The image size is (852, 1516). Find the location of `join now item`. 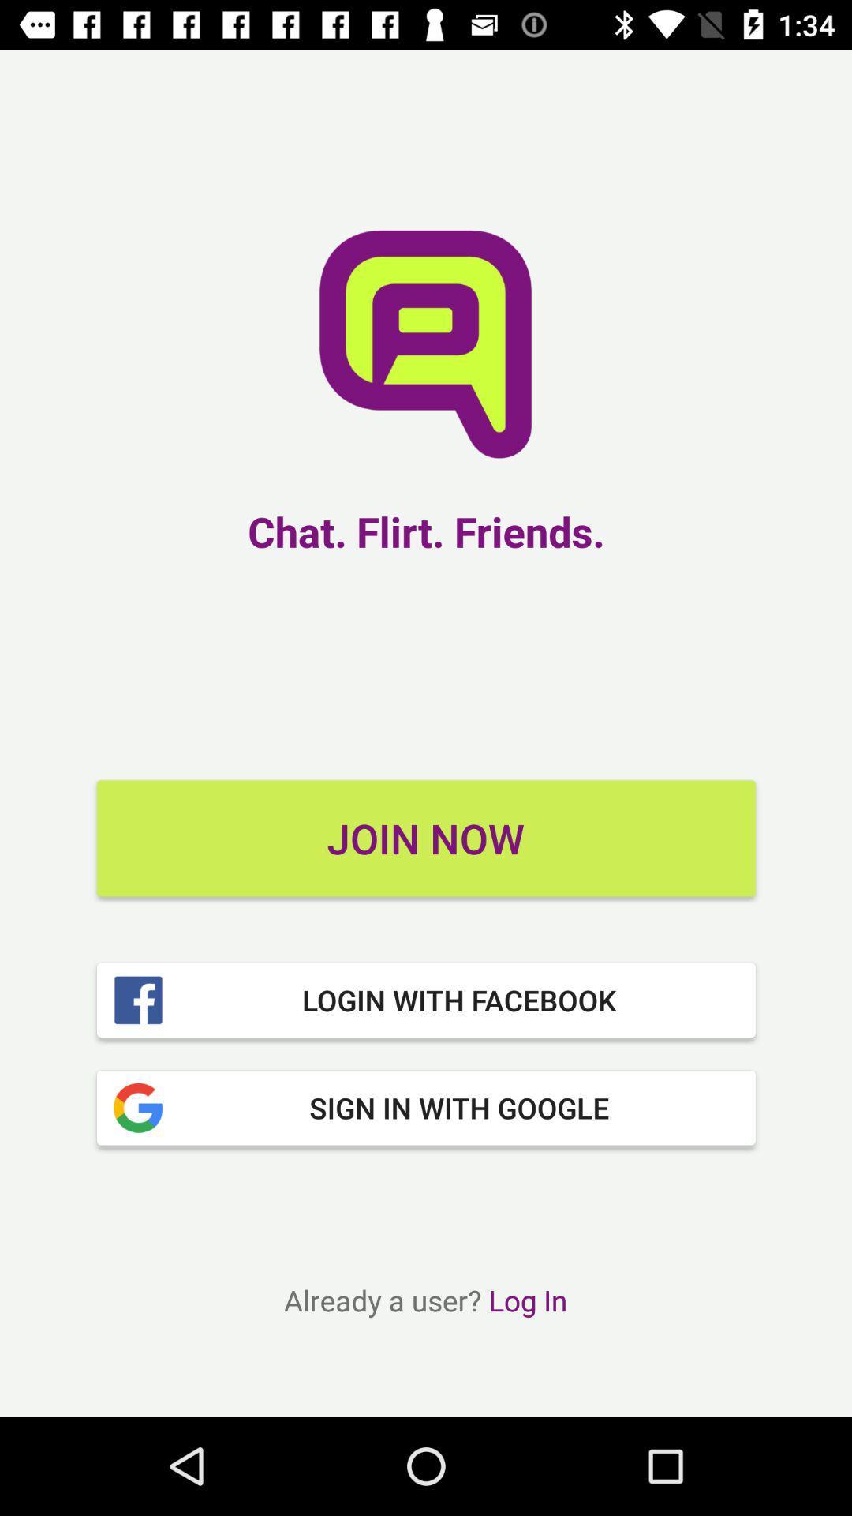

join now item is located at coordinates (426, 837).